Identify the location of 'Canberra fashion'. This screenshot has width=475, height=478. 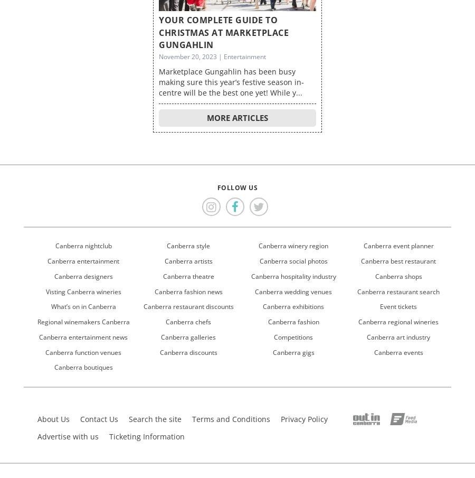
(292, 321).